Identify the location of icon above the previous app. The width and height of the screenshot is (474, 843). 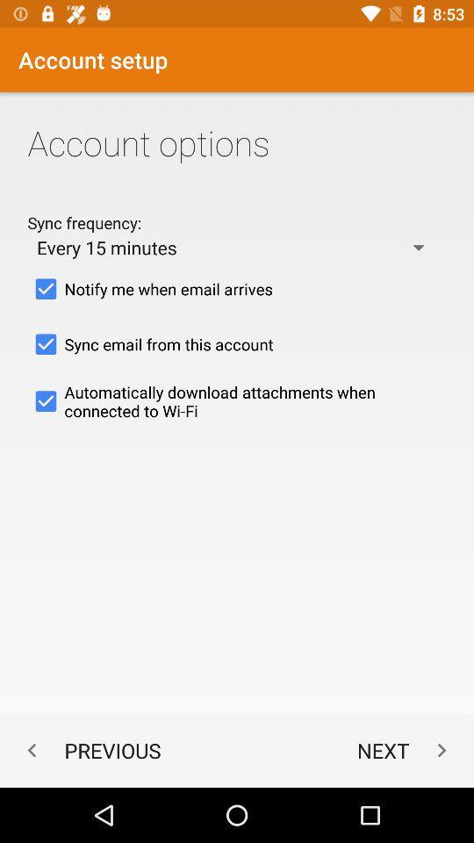
(237, 401).